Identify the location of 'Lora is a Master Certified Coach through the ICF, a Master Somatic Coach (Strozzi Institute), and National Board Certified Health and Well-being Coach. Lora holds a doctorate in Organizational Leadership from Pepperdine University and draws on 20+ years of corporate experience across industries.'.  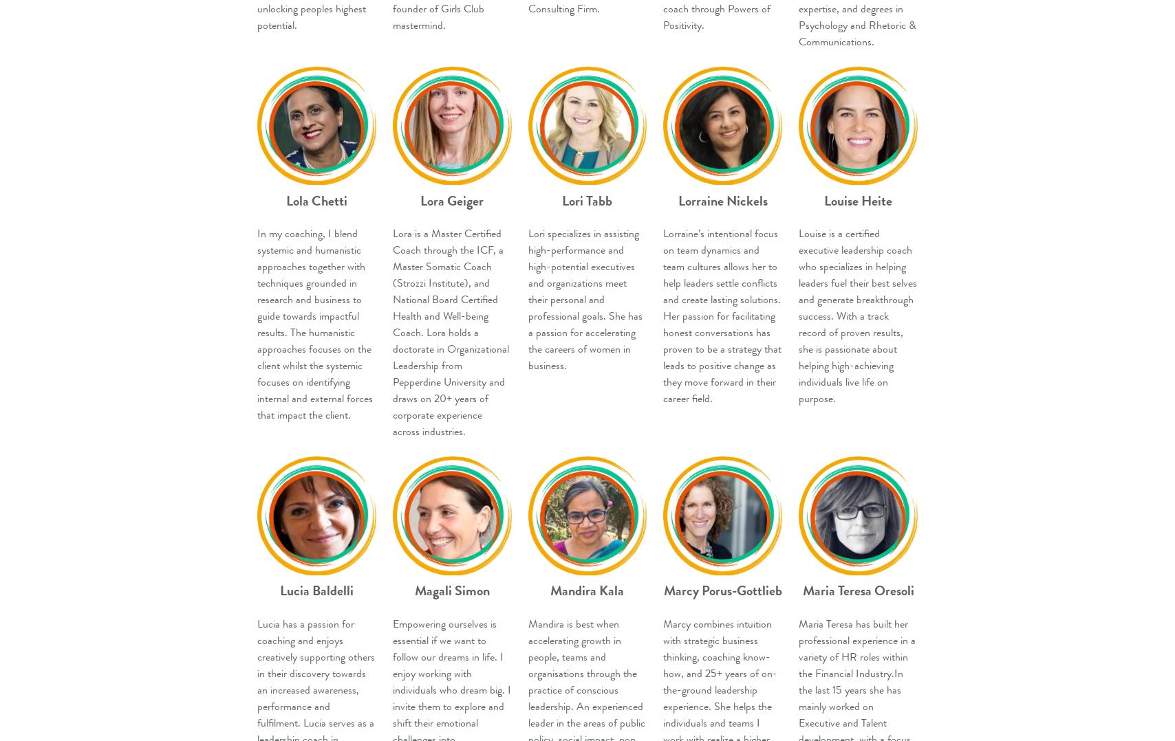
(391, 332).